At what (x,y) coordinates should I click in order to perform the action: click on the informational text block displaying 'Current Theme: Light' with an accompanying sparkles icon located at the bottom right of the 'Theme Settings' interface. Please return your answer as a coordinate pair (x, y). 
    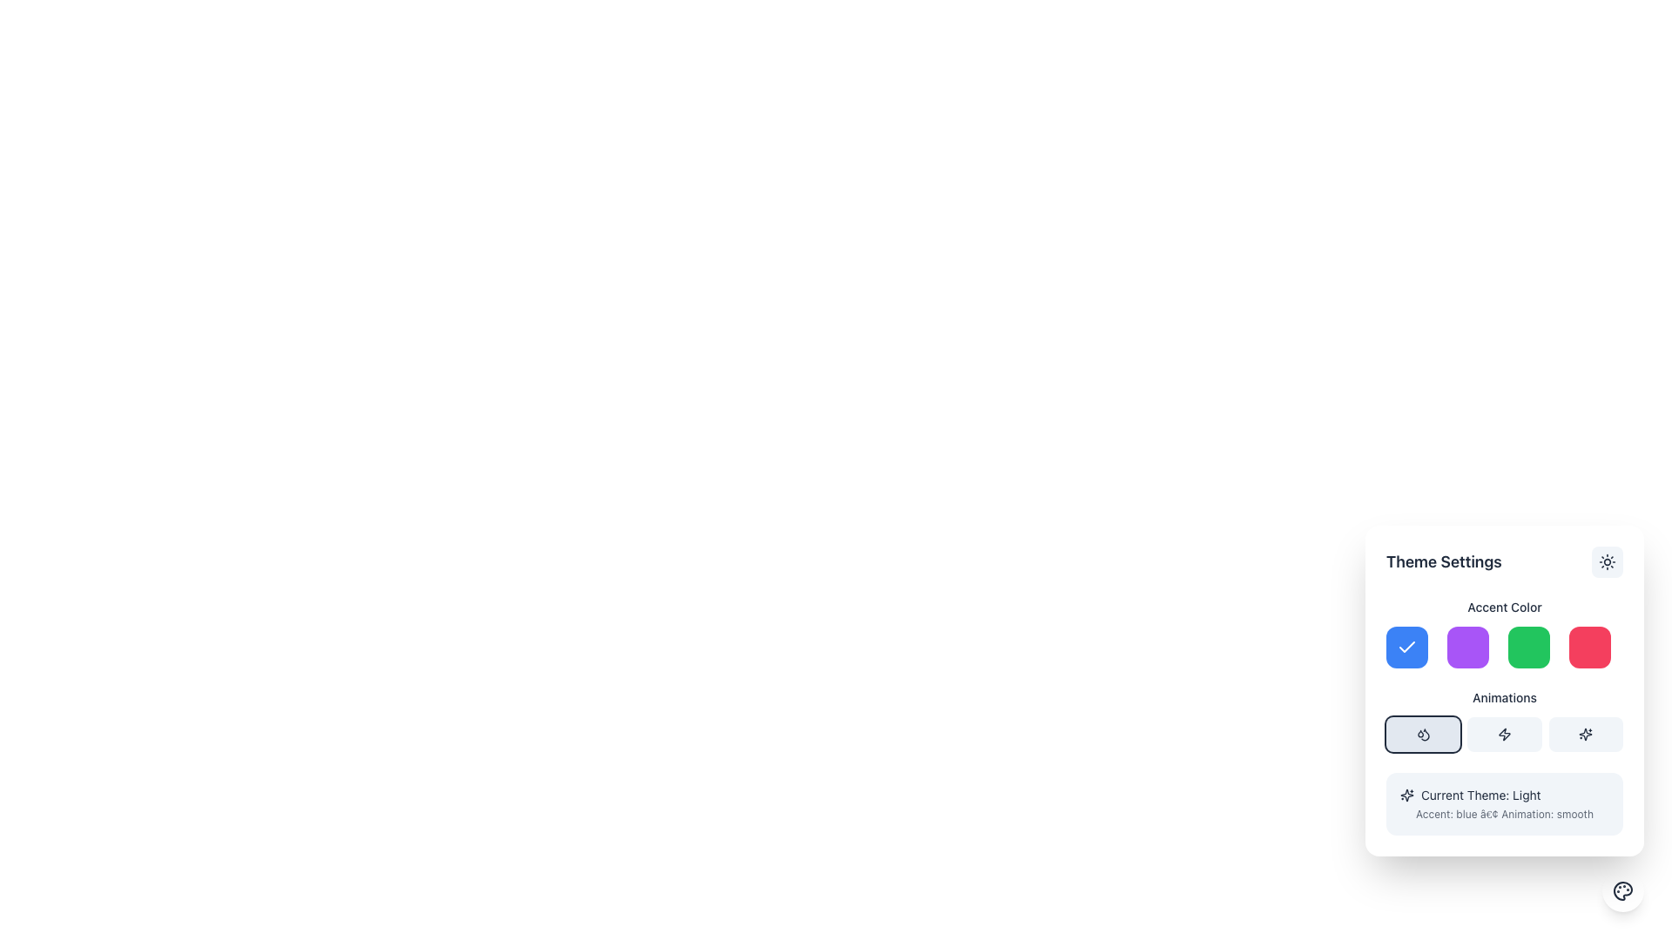
    Looking at the image, I should click on (1504, 804).